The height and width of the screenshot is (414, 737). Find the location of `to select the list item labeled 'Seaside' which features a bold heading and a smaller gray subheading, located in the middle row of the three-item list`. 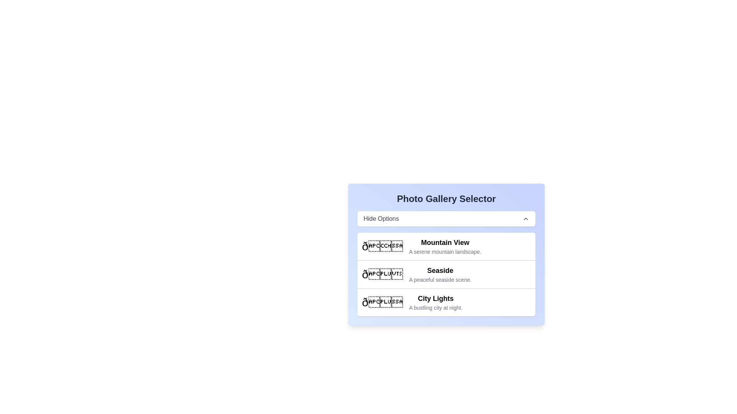

to select the list item labeled 'Seaside' which features a bold heading and a smaller gray subheading, located in the middle row of the three-item list is located at coordinates (446, 273).